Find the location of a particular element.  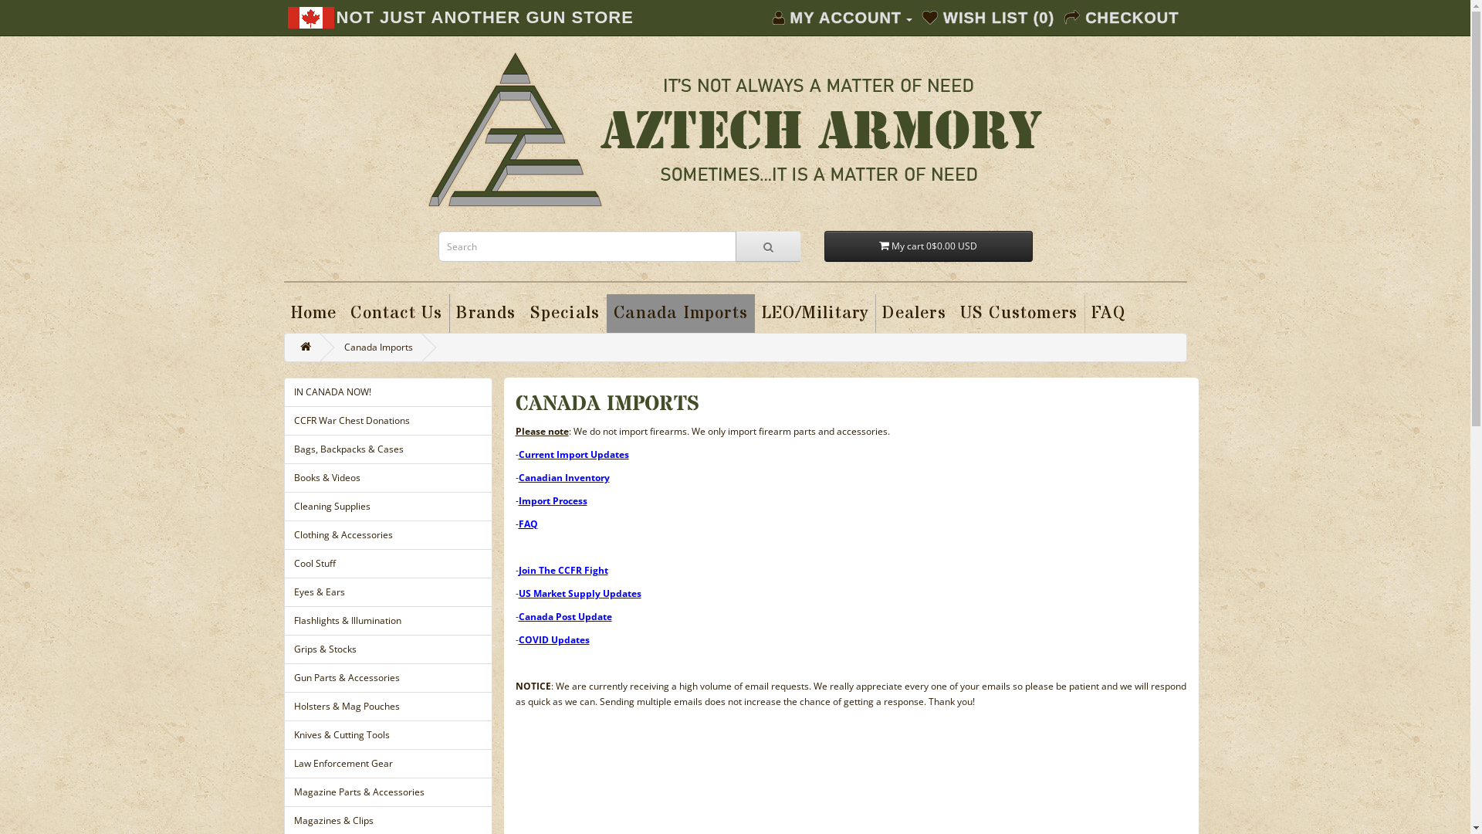

'Grips & Stocks' is located at coordinates (284, 649).